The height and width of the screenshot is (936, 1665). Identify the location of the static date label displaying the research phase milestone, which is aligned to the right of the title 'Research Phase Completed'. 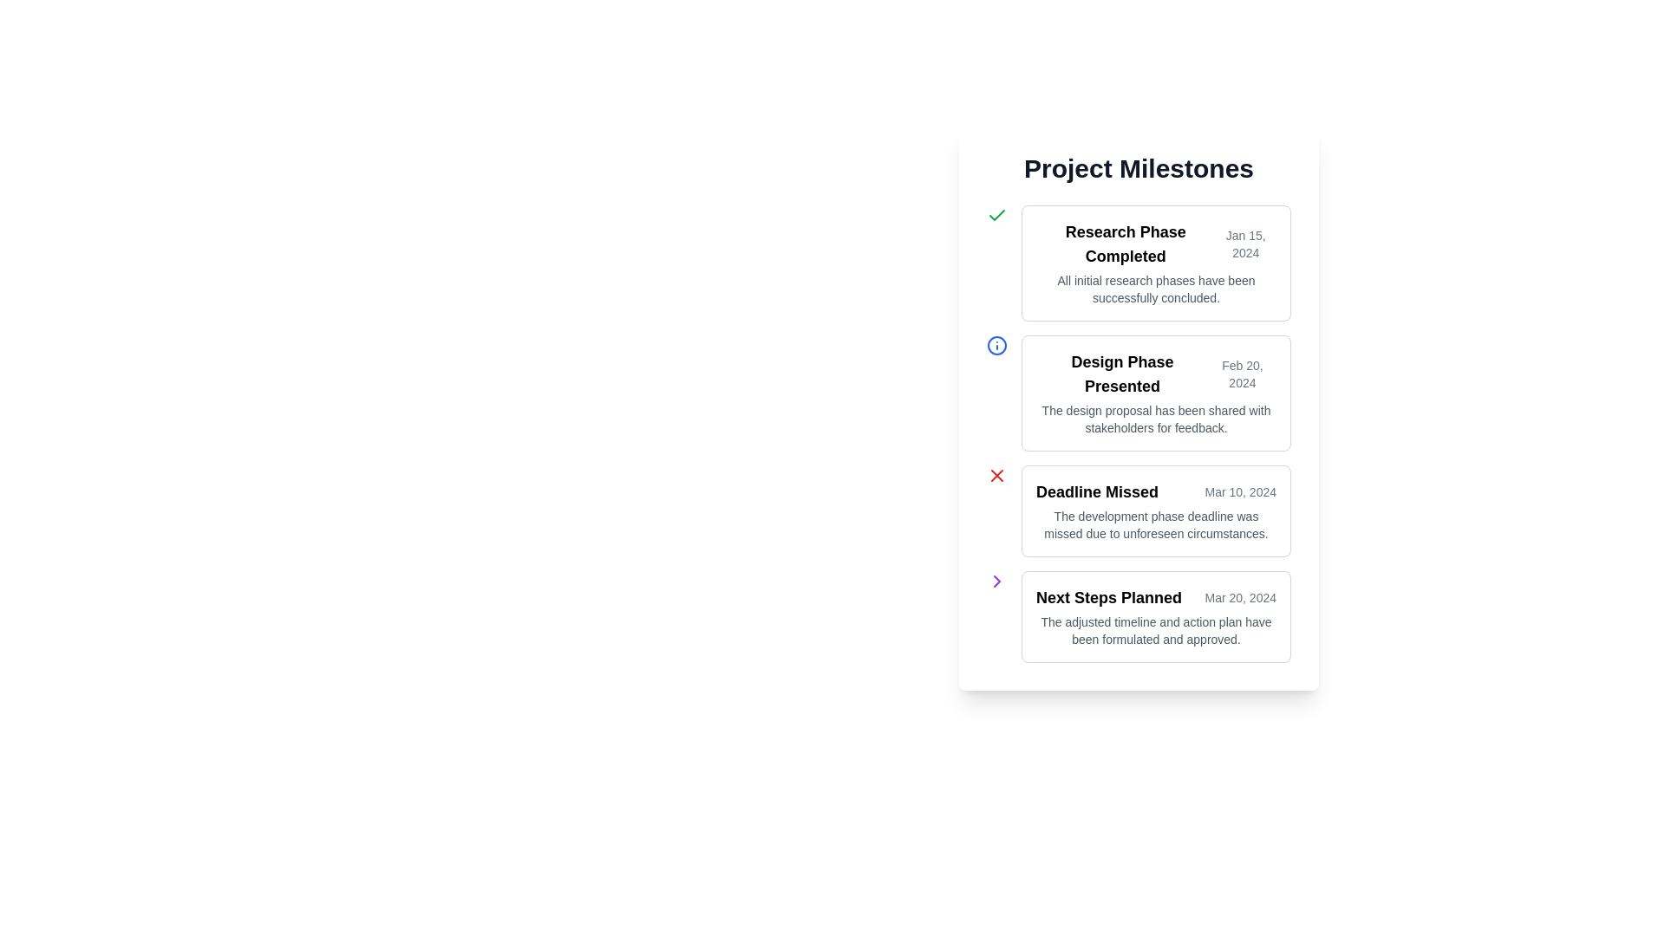
(1244, 244).